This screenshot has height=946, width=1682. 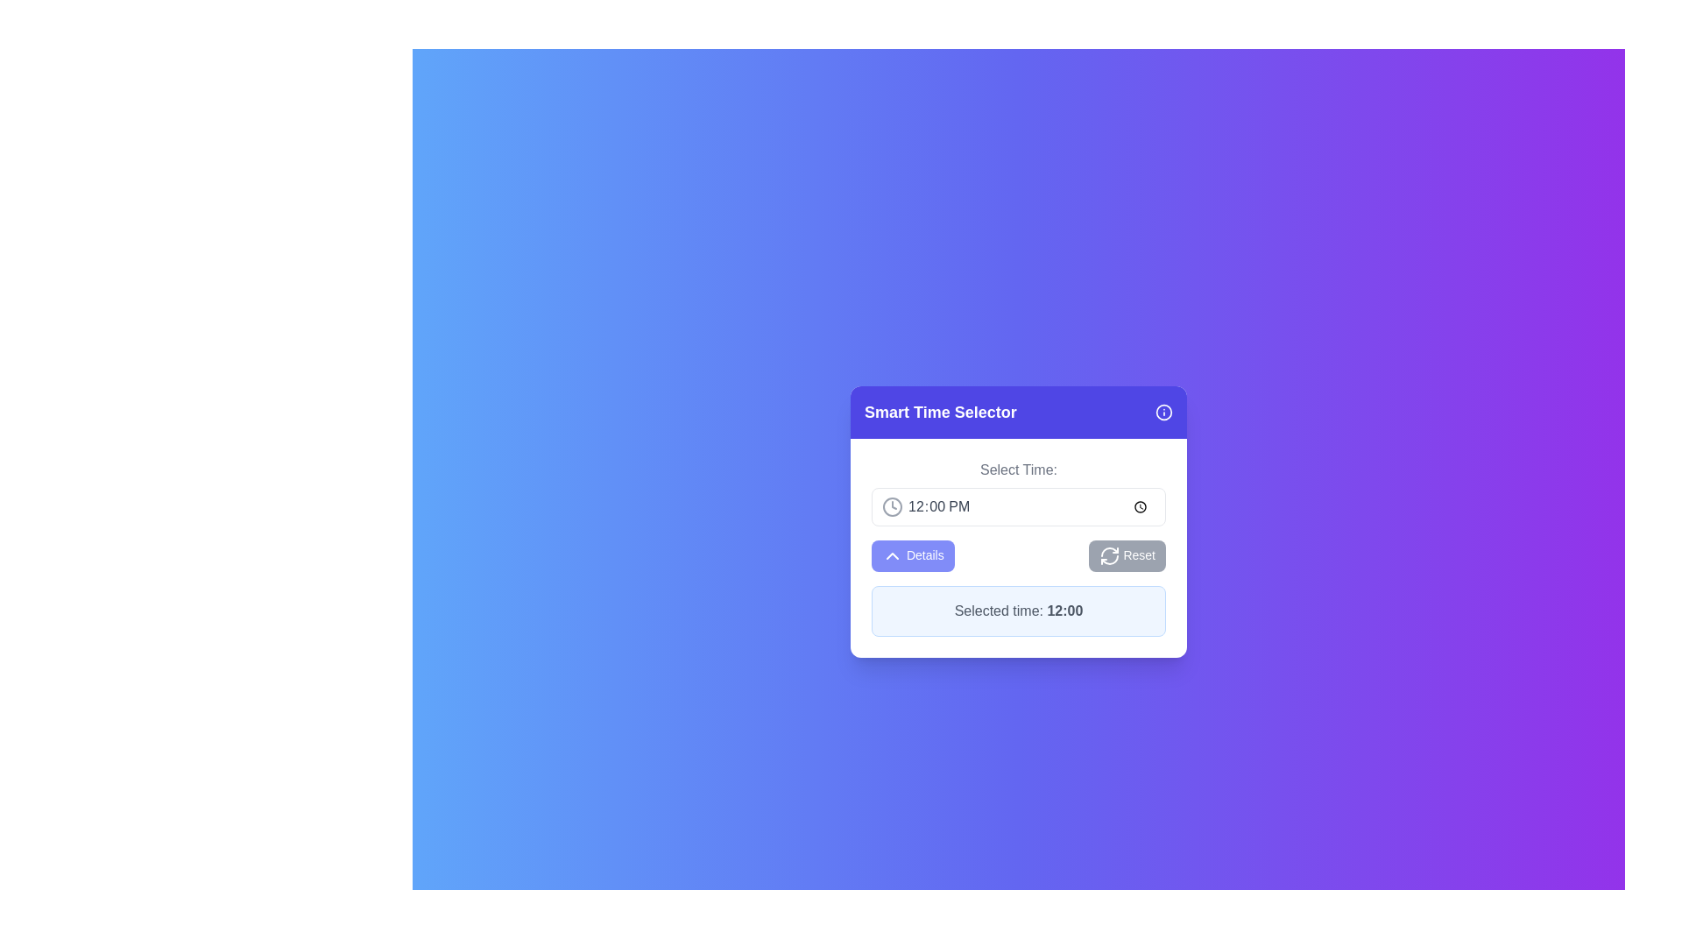 What do you see at coordinates (912, 556) in the screenshot?
I see `the button used to reveal or hide additional details related to the current selection via keyboard navigation` at bounding box center [912, 556].